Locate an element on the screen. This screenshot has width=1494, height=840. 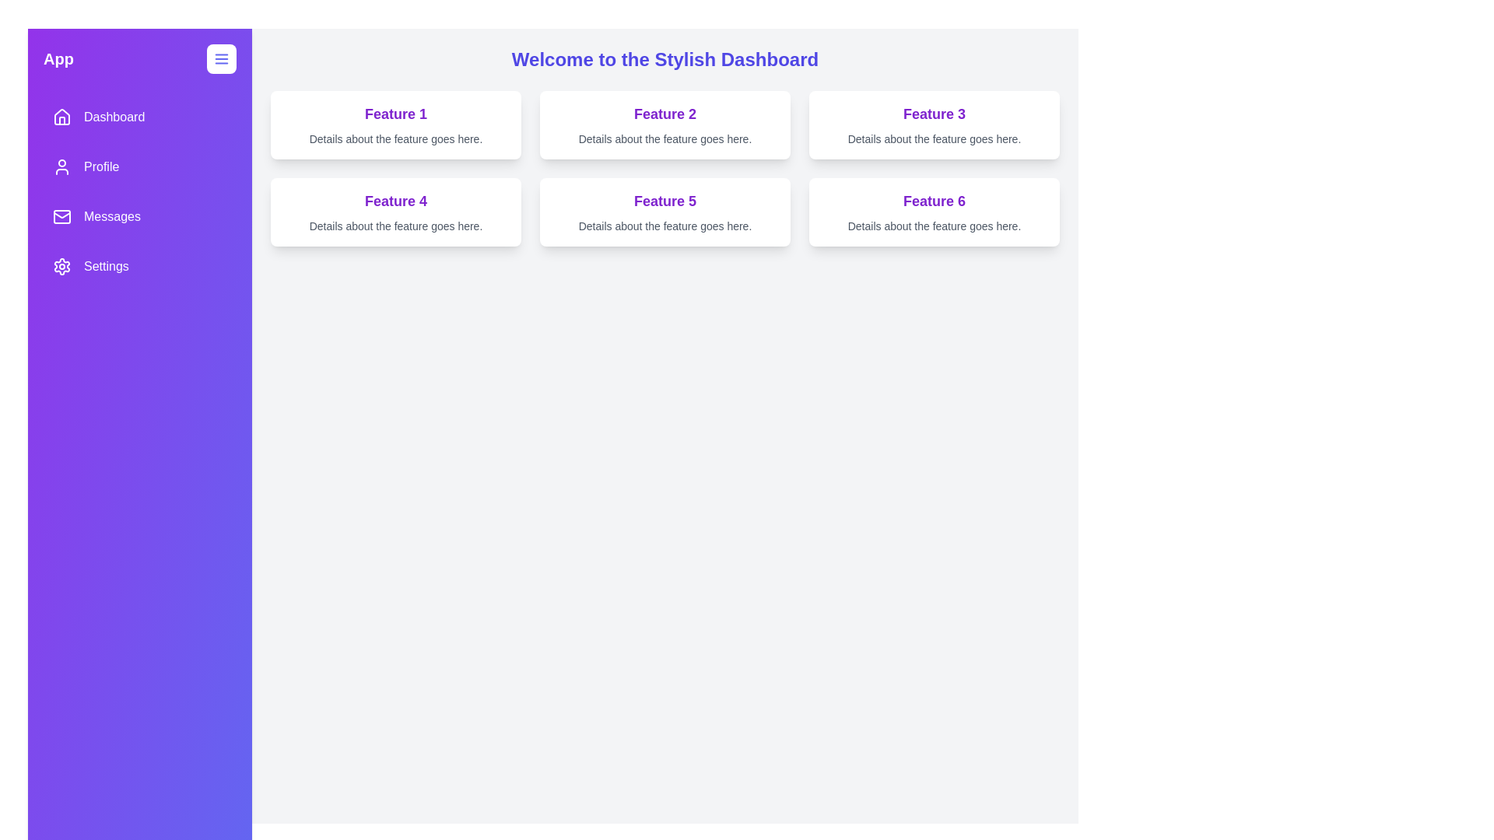
the house icon located in the sidebar next to the 'Dashboard' label is located at coordinates (62, 116).